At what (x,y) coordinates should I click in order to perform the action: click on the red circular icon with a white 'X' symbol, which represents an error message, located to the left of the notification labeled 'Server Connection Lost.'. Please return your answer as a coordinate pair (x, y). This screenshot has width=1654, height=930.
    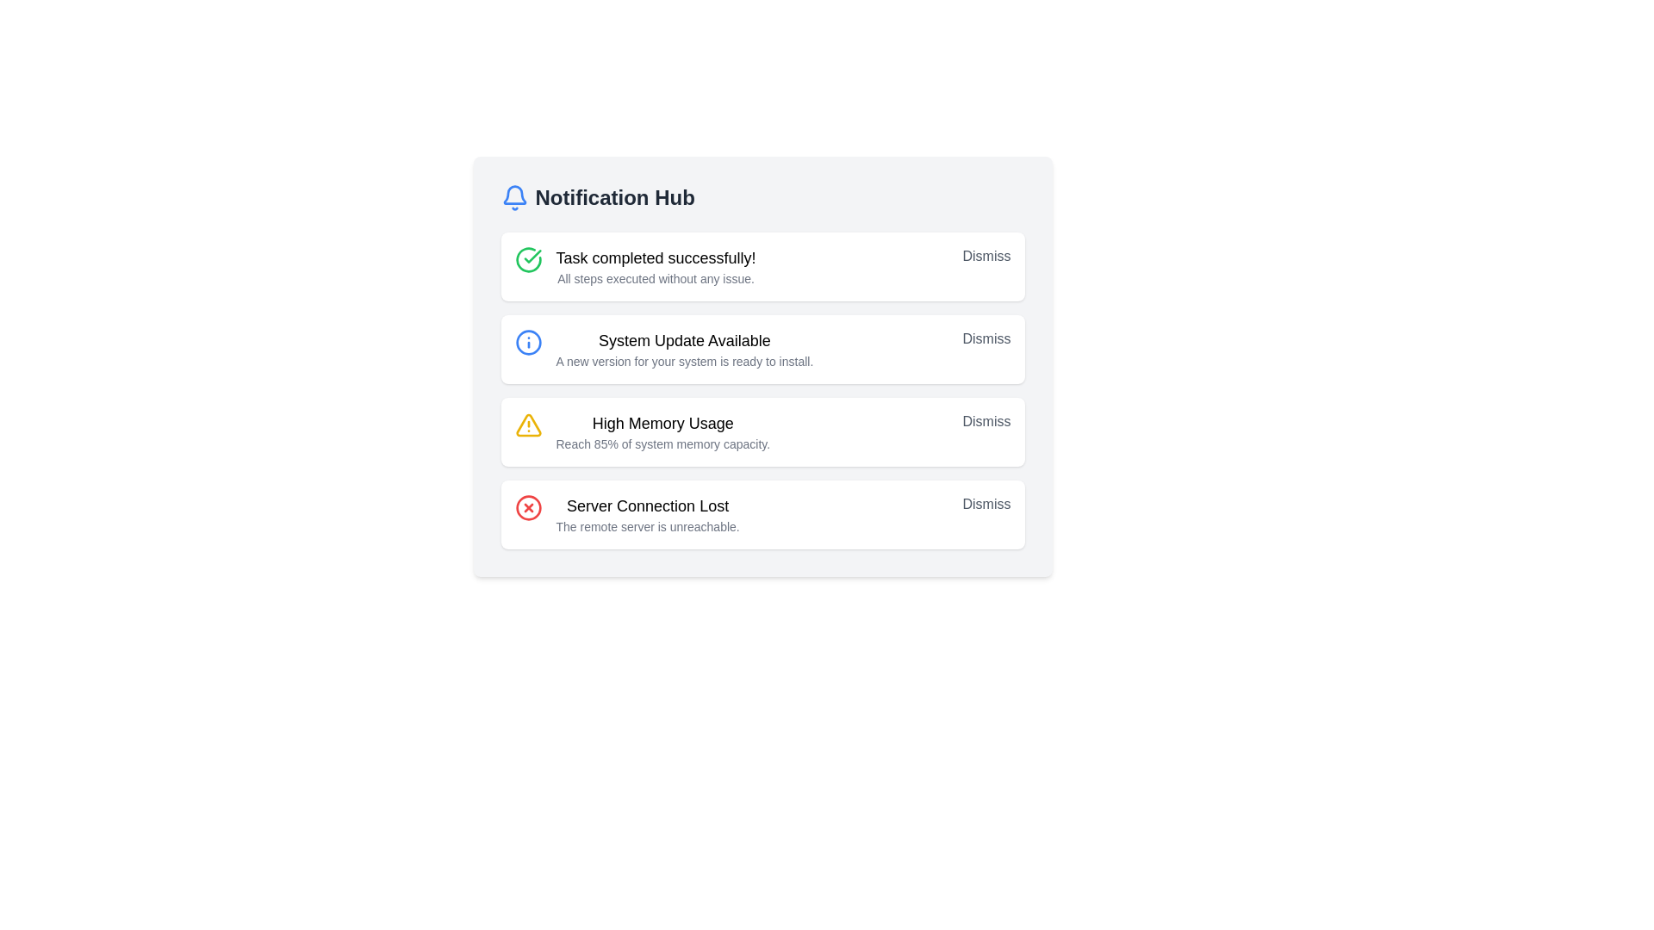
    Looking at the image, I should click on (527, 507).